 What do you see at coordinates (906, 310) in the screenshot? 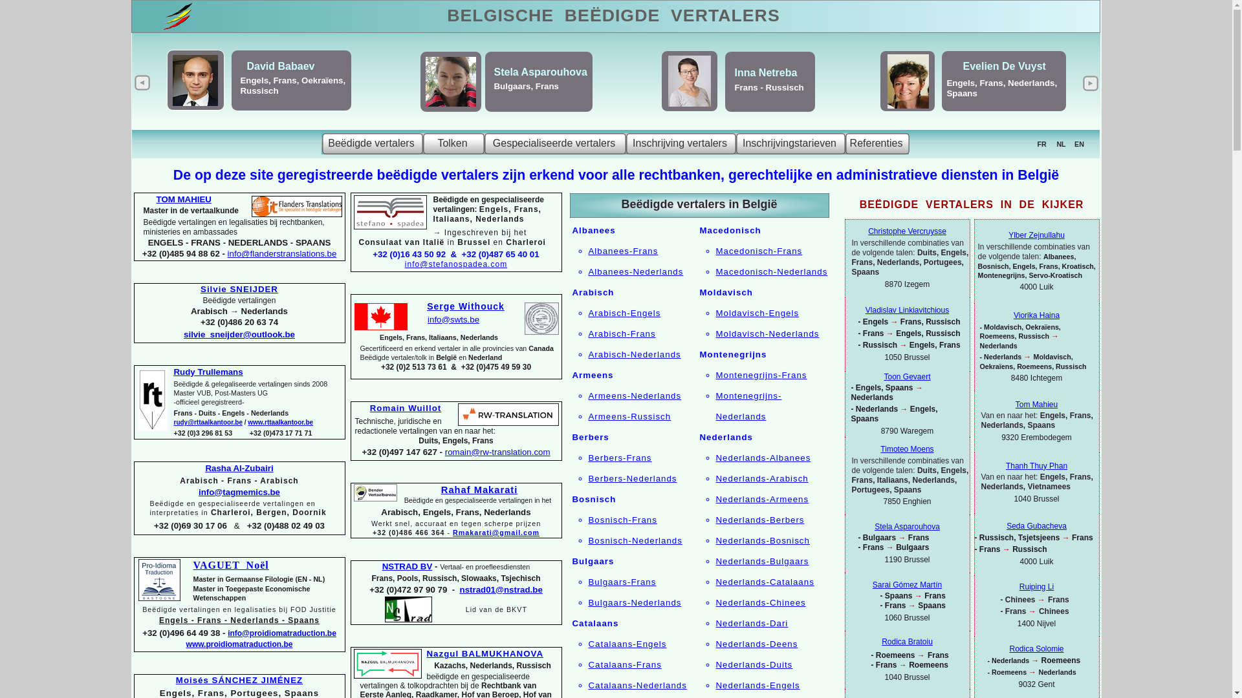
I see `'Vladislav Linkiavitchious'` at bounding box center [906, 310].